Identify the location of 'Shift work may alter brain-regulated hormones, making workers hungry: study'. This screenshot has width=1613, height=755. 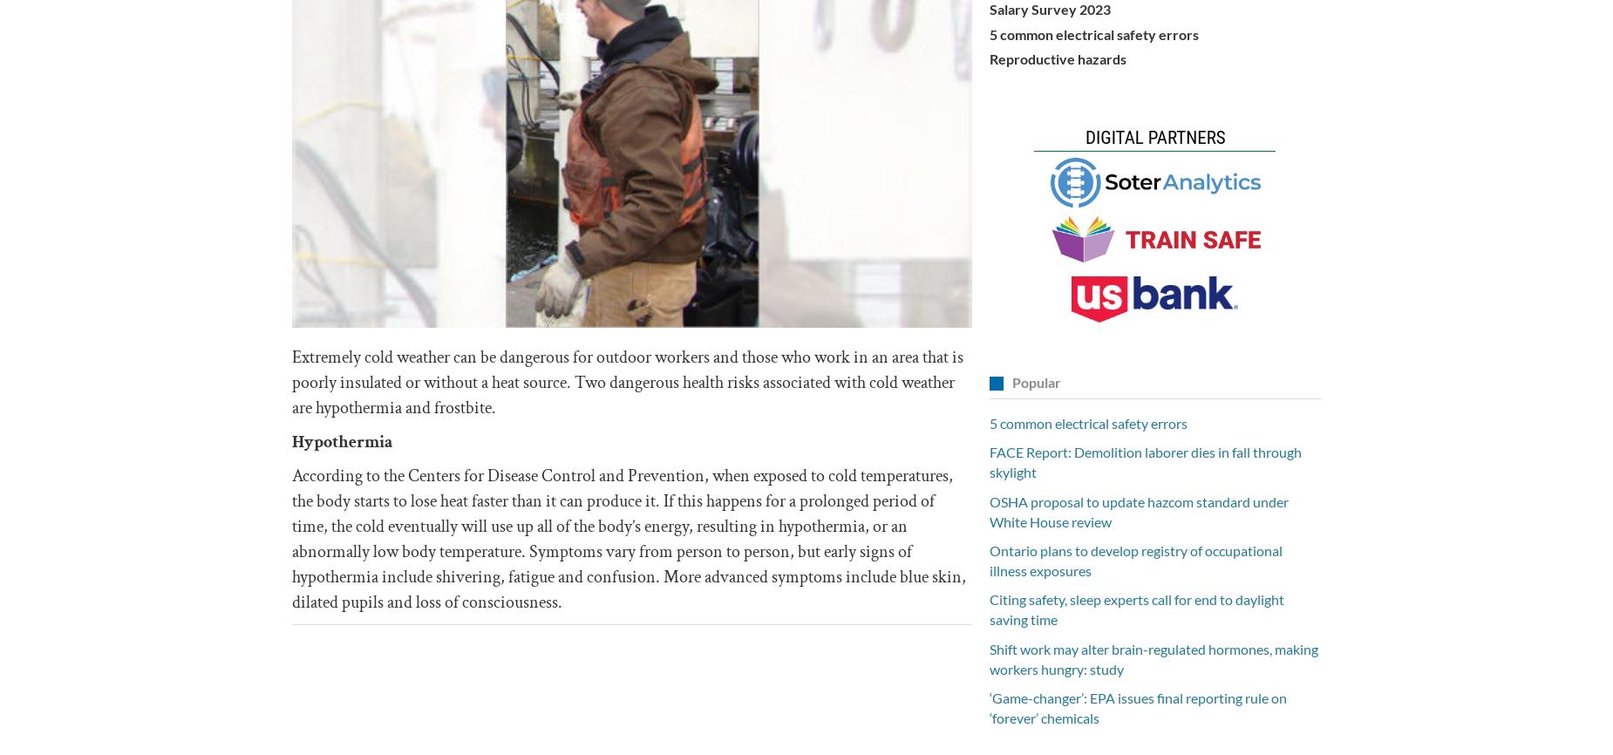
(988, 656).